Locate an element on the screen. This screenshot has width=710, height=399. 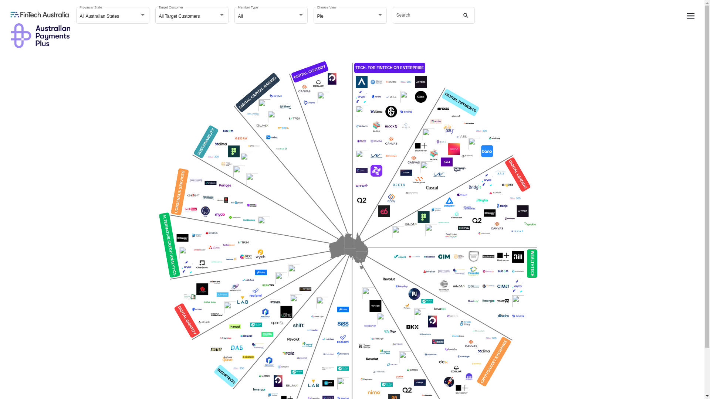
'DeCX Pty Ltd' is located at coordinates (443, 361).